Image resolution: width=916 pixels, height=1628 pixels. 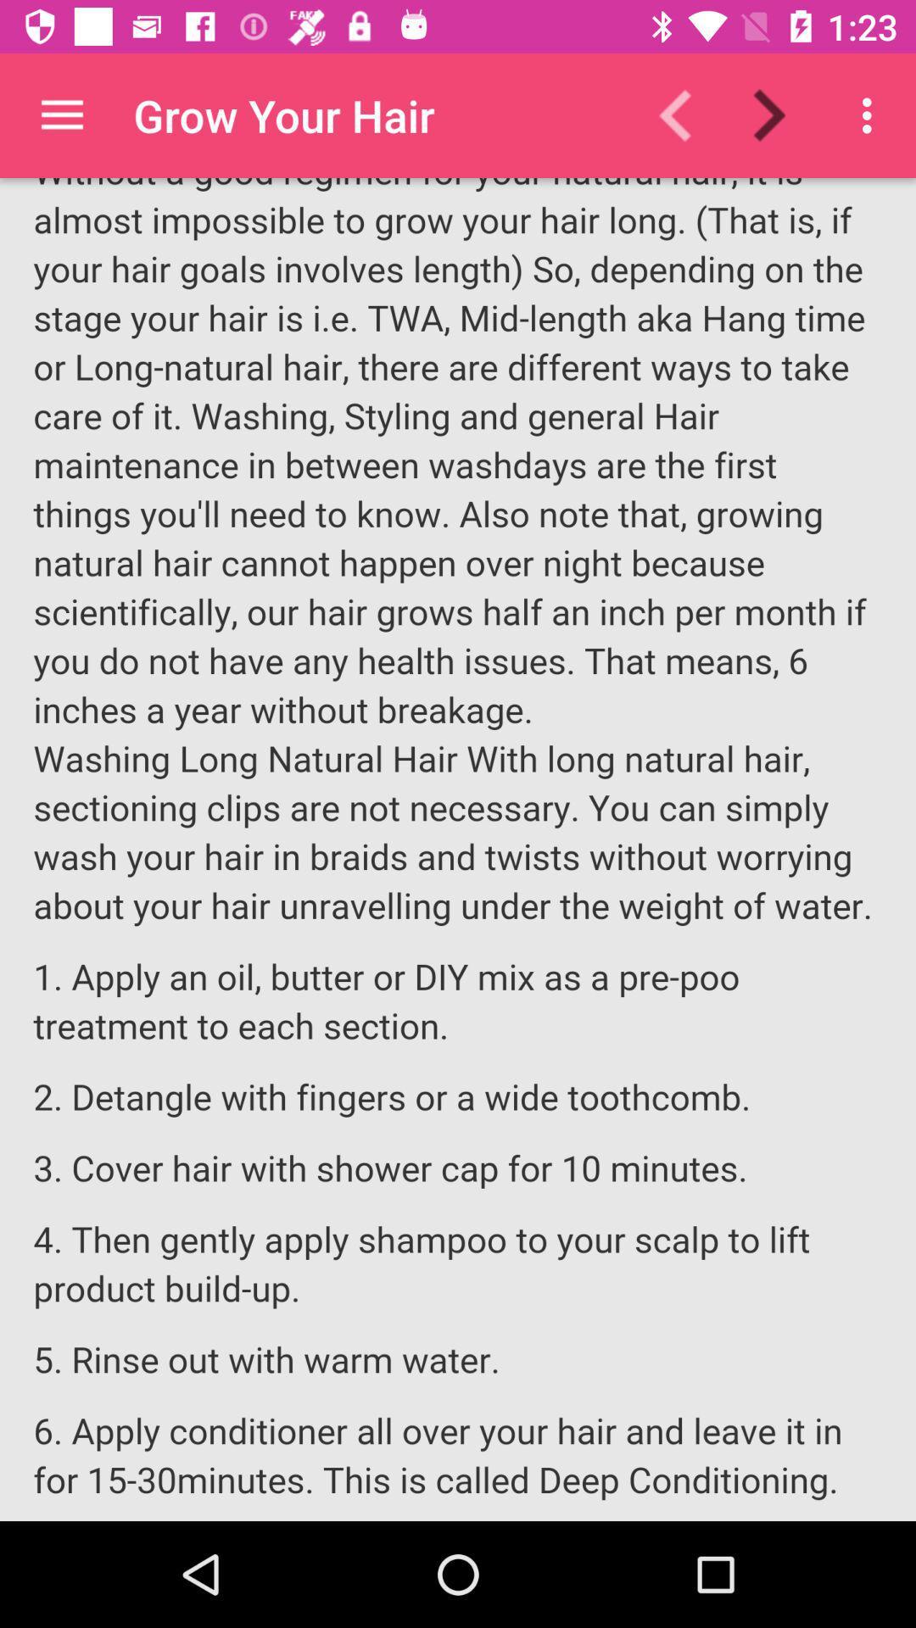 What do you see at coordinates (779, 114) in the screenshot?
I see `forward button` at bounding box center [779, 114].